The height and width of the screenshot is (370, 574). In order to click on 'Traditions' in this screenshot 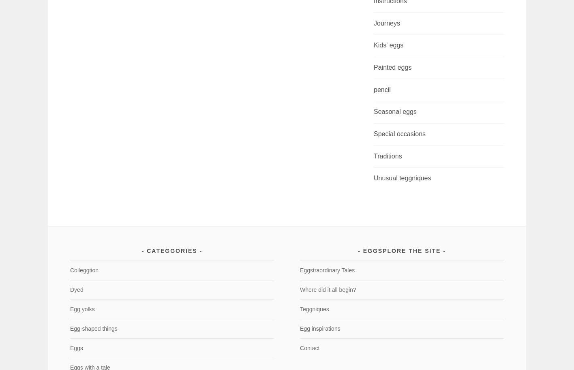, I will do `click(388, 155)`.